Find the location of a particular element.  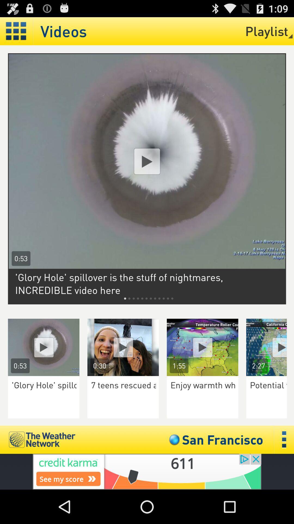

video is located at coordinates (123, 347).